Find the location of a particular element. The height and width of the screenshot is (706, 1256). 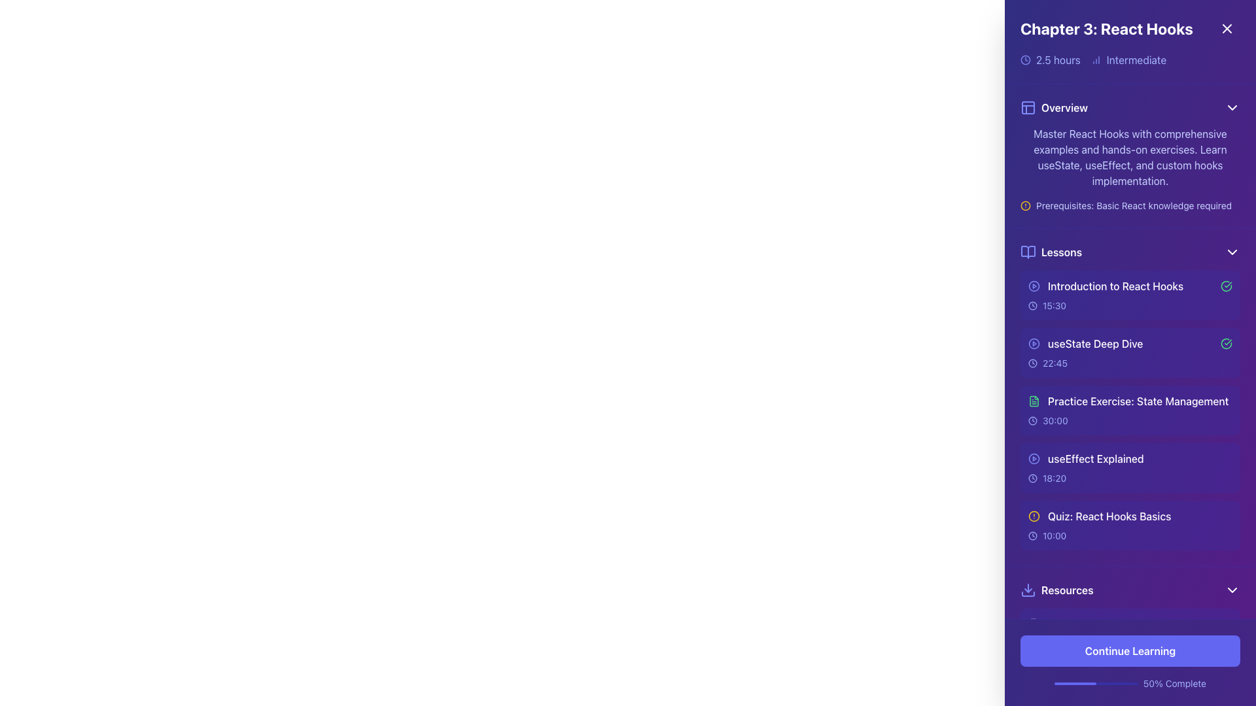

the status represented by the circular green outlined icon indicating a completed lesson next to 'useState Deep Dive' in the second lesson entry is located at coordinates (1226, 286).